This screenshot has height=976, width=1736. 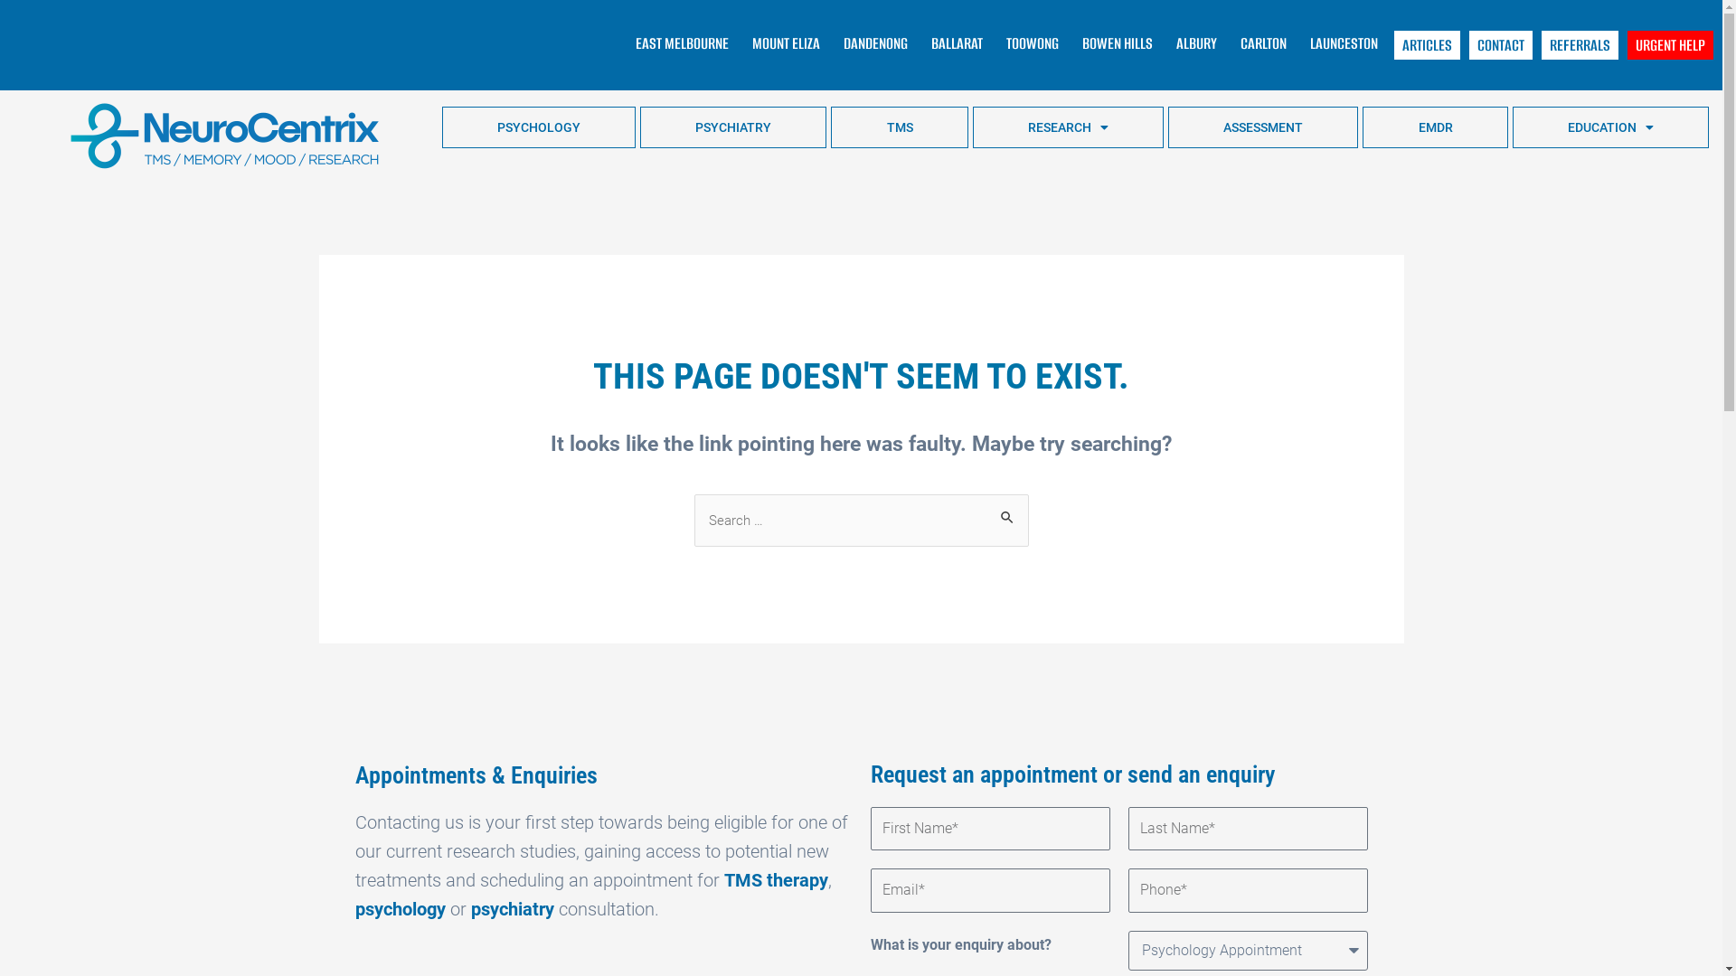 What do you see at coordinates (786, 42) in the screenshot?
I see `'MOUNT ELIZA'` at bounding box center [786, 42].